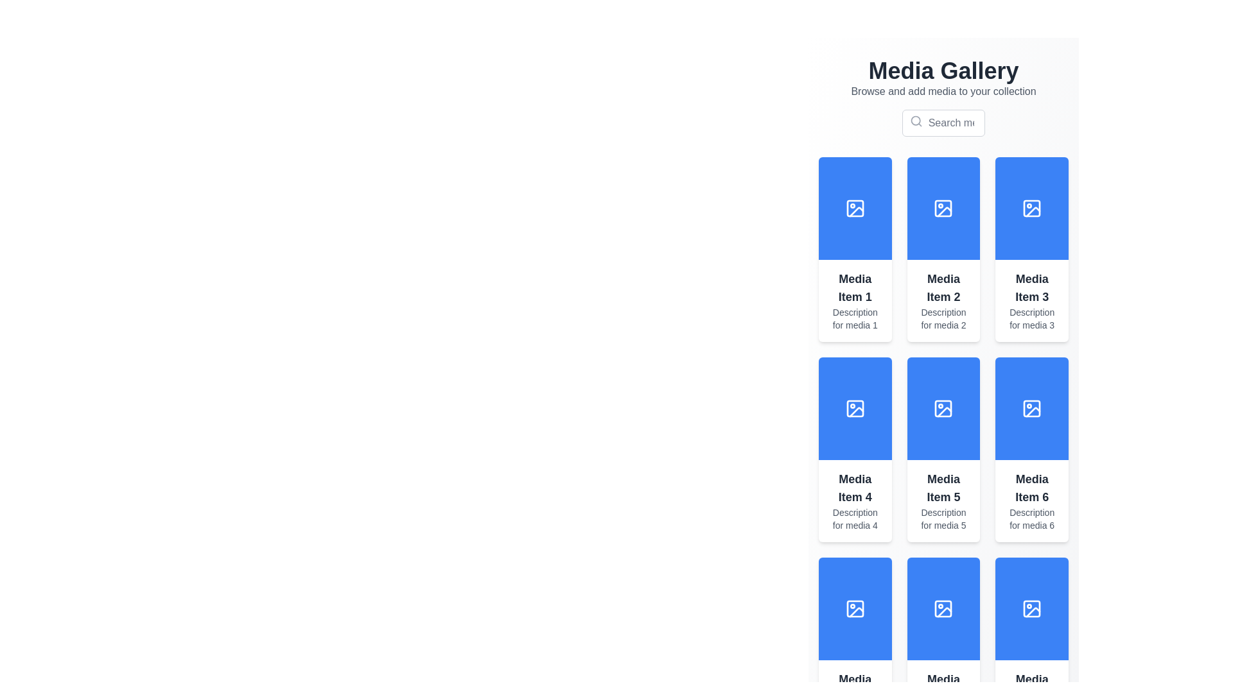  What do you see at coordinates (943, 123) in the screenshot?
I see `the text input field directly below the 'Media Gallery' heading` at bounding box center [943, 123].